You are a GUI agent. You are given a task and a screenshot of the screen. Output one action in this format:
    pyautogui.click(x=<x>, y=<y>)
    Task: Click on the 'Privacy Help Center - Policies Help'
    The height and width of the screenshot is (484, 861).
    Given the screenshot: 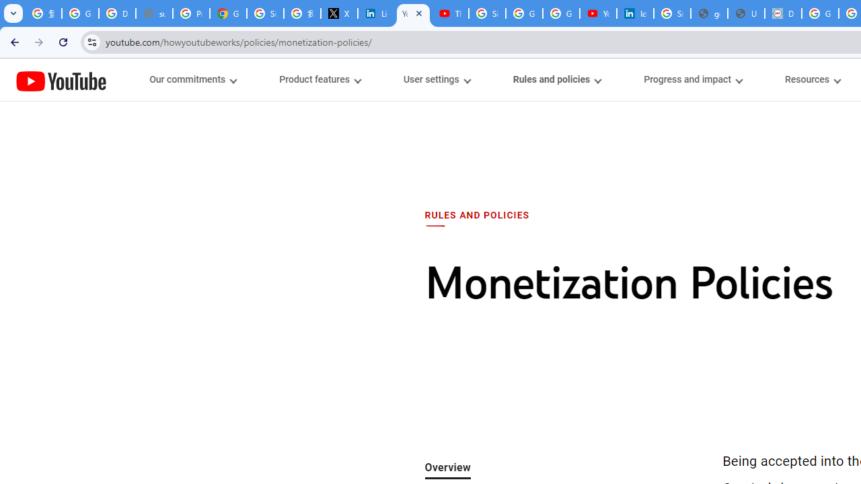 What is the action you would take?
    pyautogui.click(x=190, y=13)
    